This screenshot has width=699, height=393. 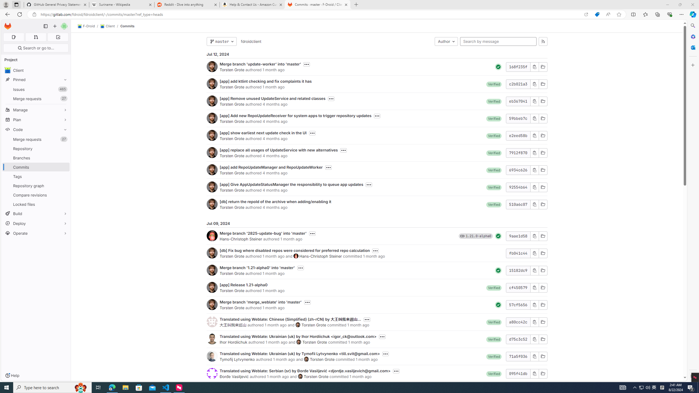 What do you see at coordinates (127, 26) in the screenshot?
I see `'Commits'` at bounding box center [127, 26].